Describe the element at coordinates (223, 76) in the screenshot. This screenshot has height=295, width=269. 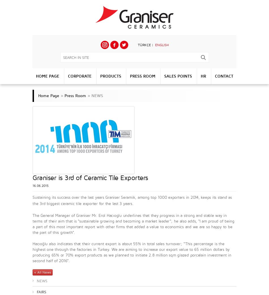
I see `'CONTACT'` at that location.